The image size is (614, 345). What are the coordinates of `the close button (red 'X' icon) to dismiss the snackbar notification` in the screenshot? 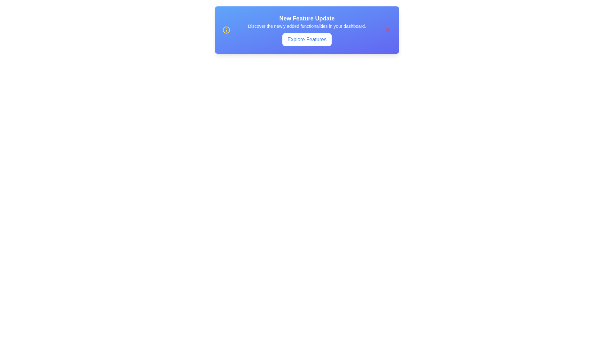 It's located at (387, 30).